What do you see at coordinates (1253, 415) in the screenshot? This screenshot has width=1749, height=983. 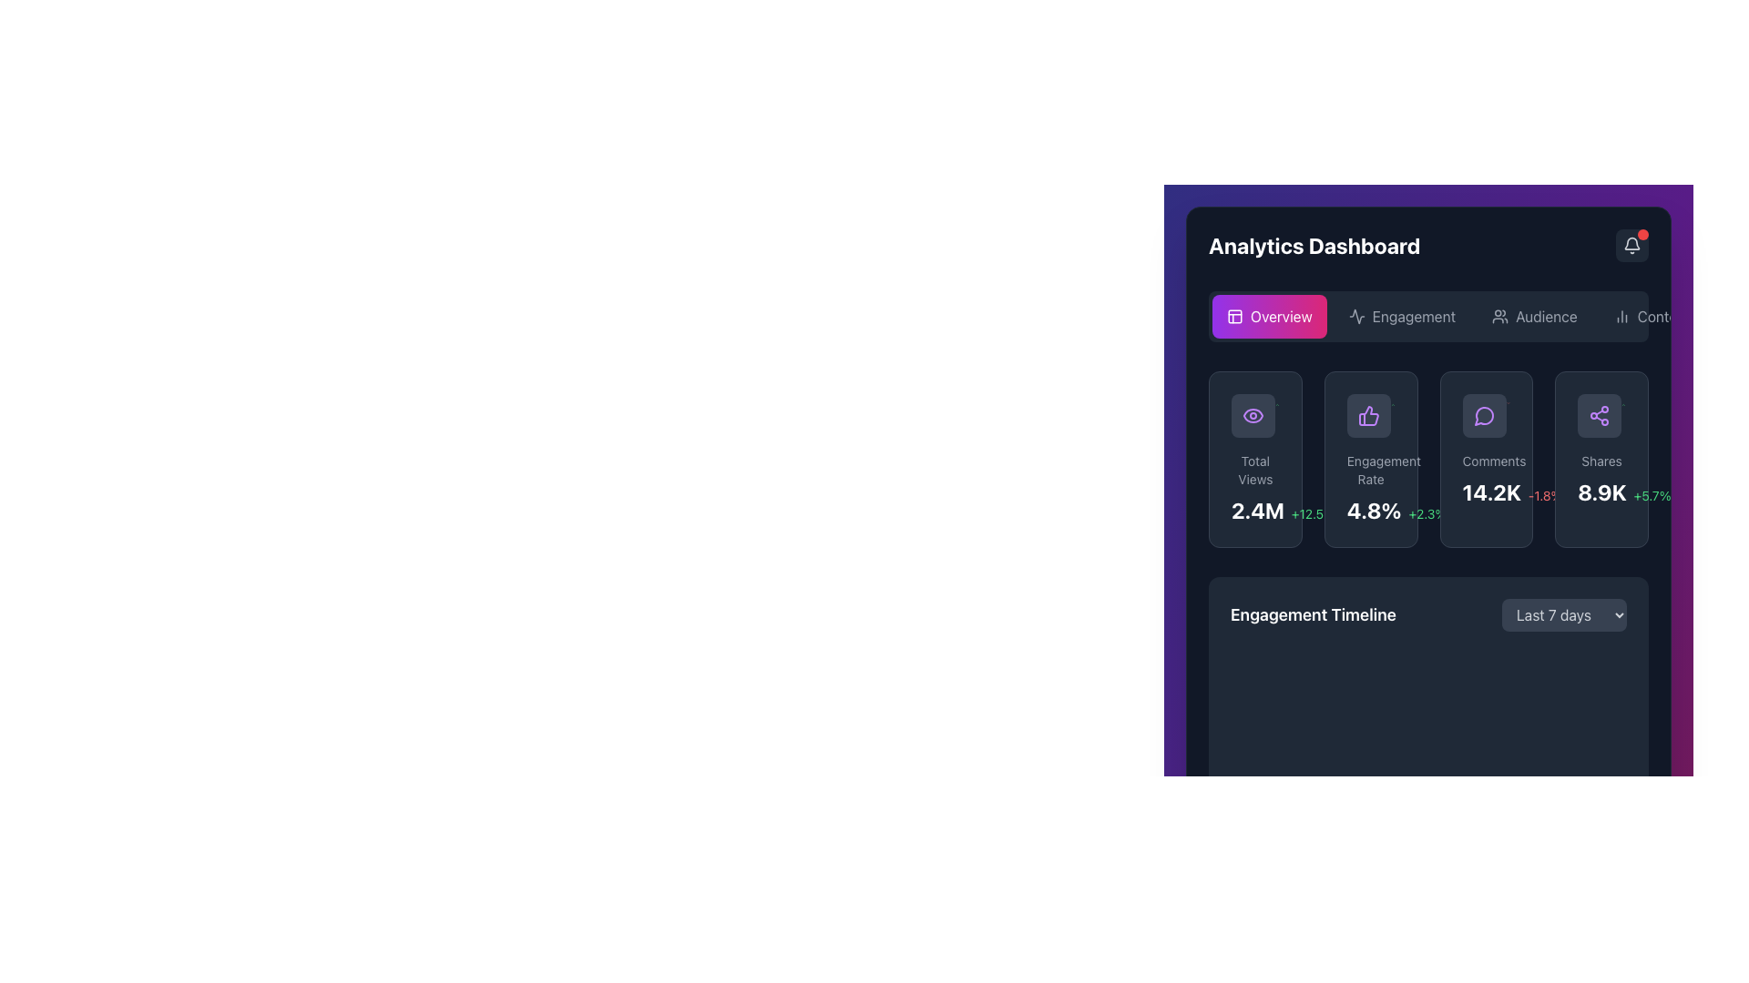 I see `the thin elliptical shape filled with a light purple hue, which is the external contour of the eye icon located at the center of the eye icon representation in the analytics metrics panel` at bounding box center [1253, 415].